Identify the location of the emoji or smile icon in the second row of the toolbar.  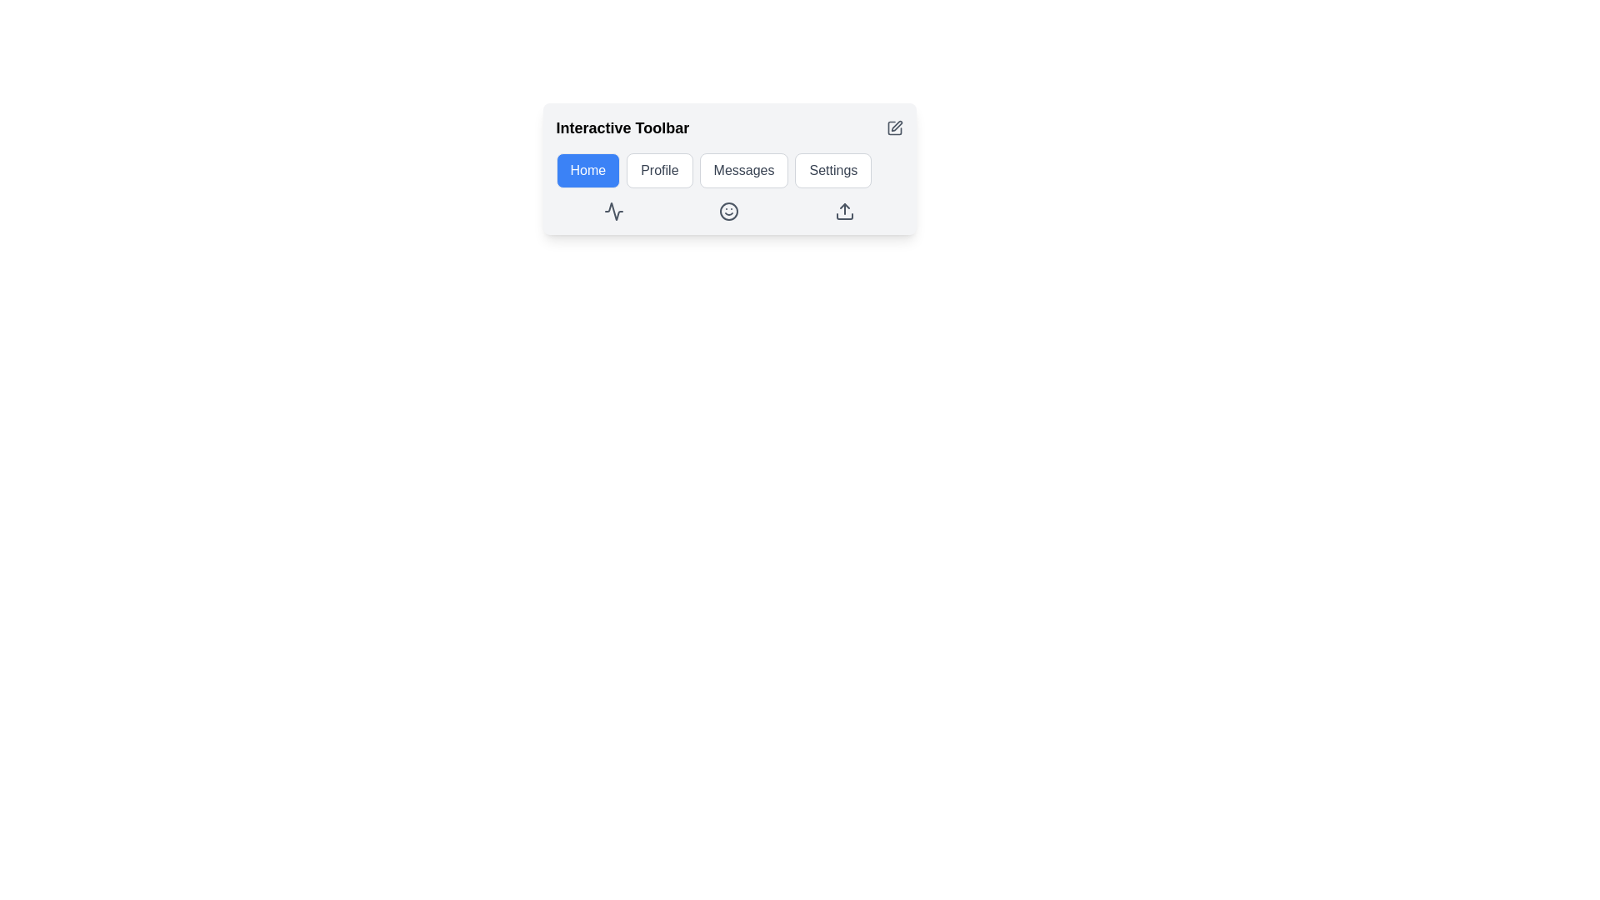
(729, 211).